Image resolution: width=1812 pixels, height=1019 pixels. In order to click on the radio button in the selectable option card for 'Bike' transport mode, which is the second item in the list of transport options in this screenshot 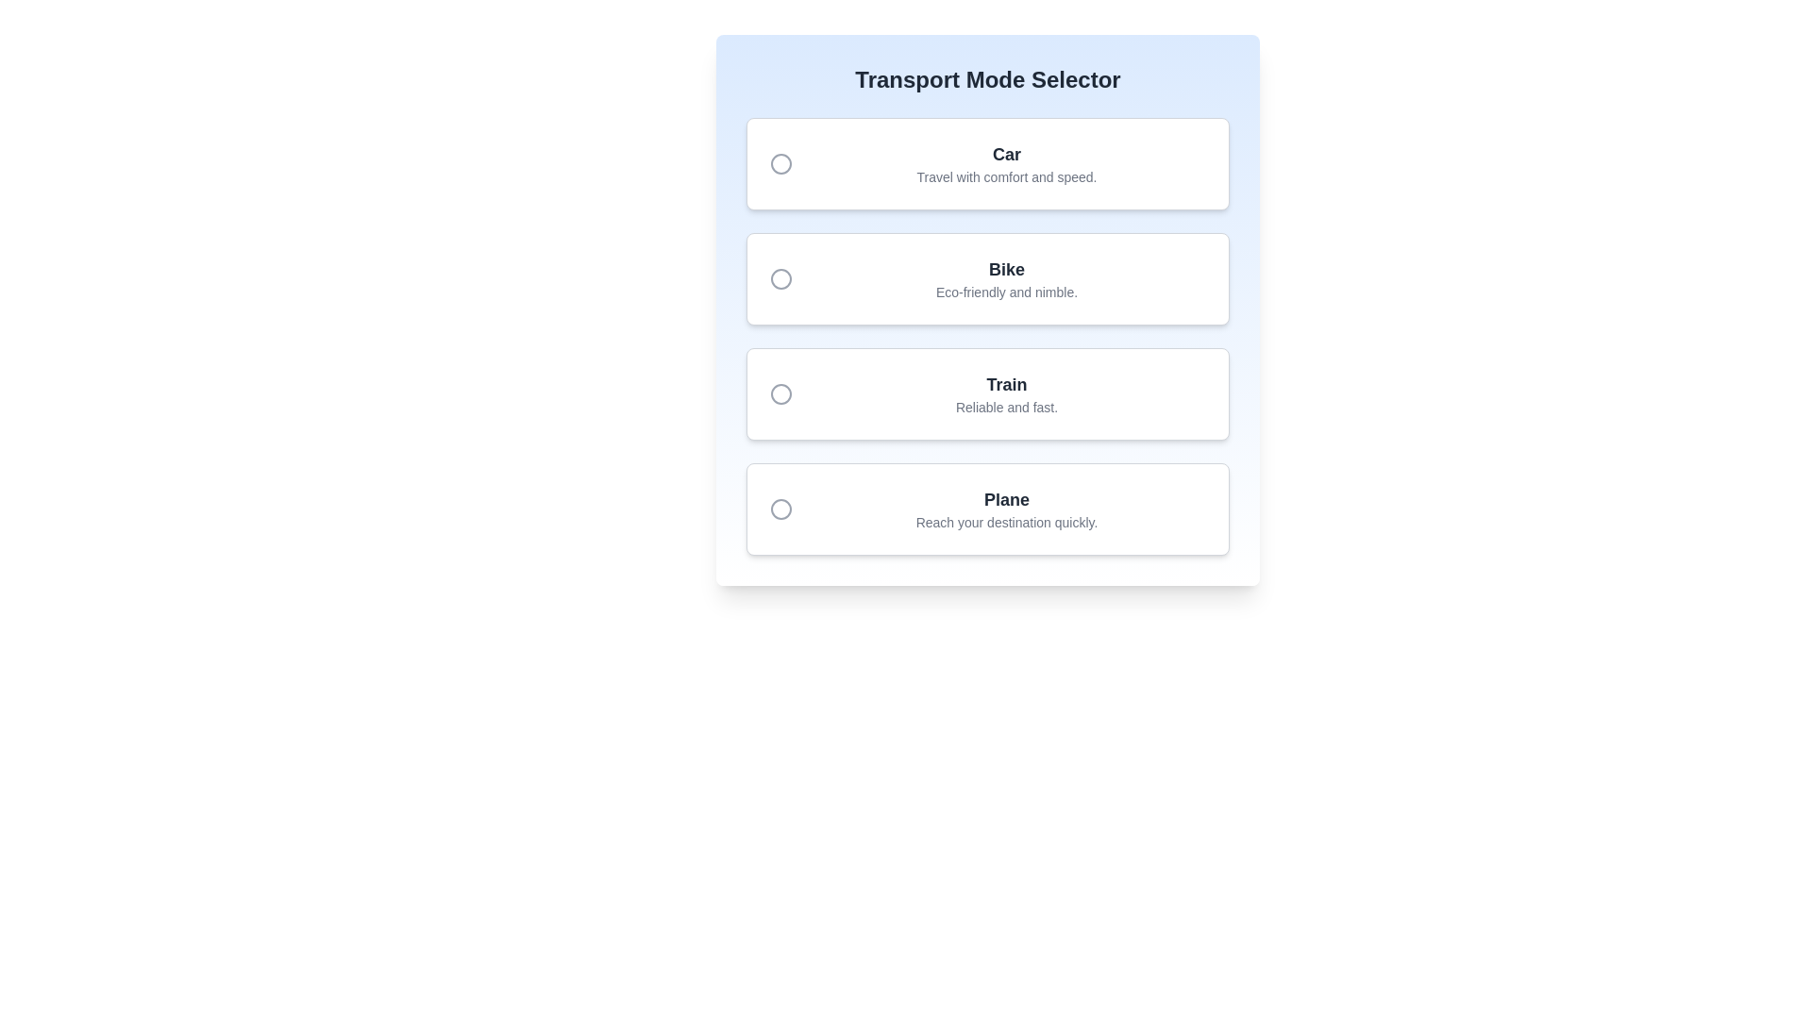, I will do `click(986, 279)`.